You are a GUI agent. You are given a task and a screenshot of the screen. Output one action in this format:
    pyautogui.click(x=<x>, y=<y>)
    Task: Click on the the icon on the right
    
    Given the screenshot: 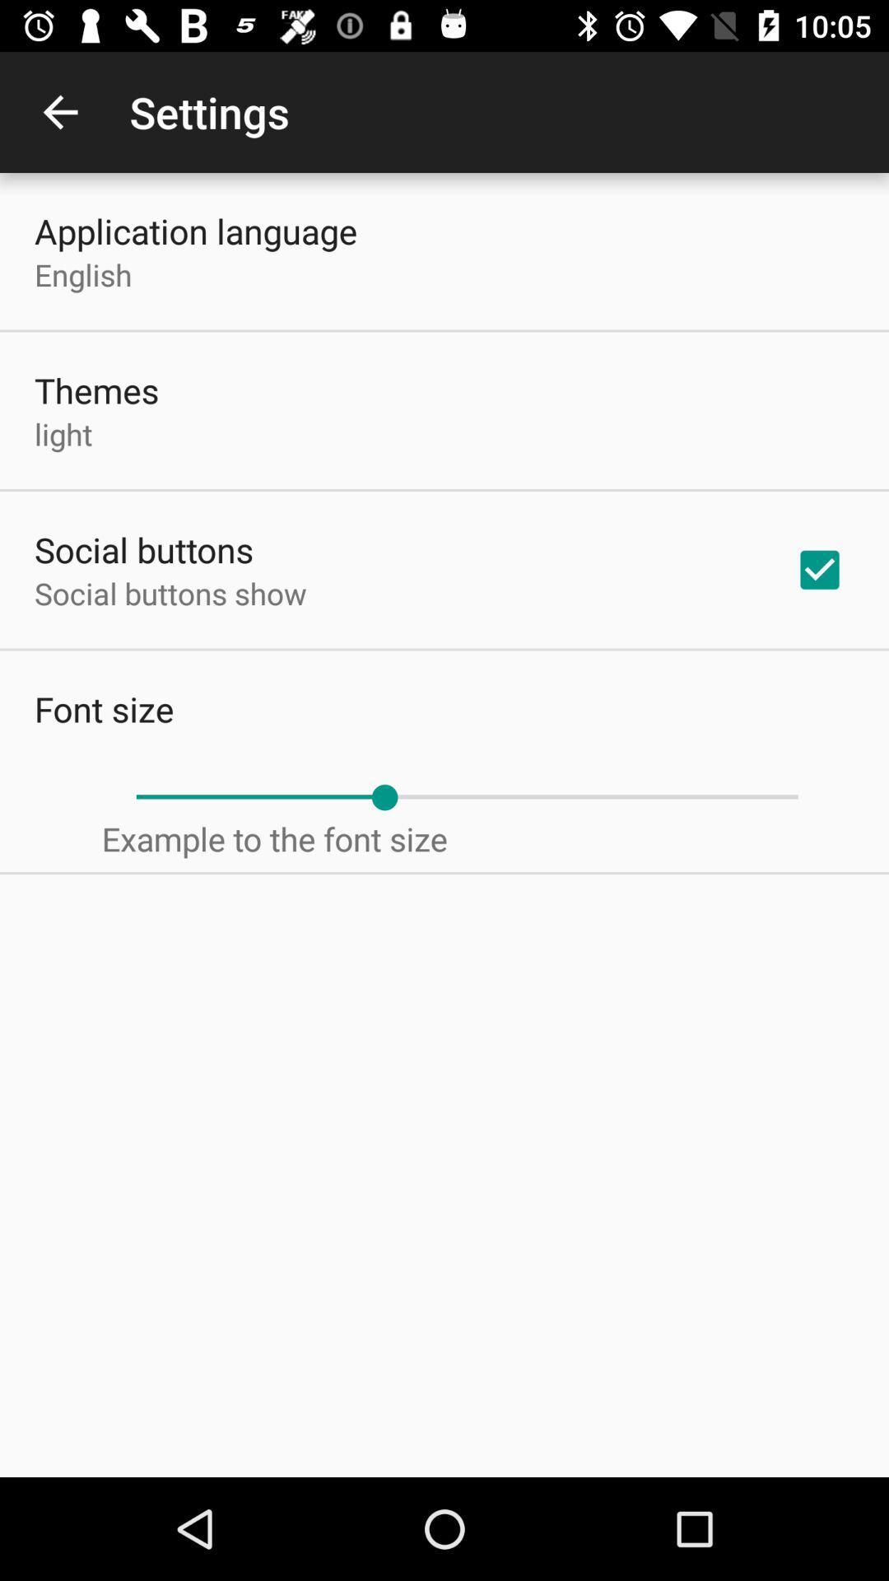 What is the action you would take?
    pyautogui.click(x=819, y=570)
    